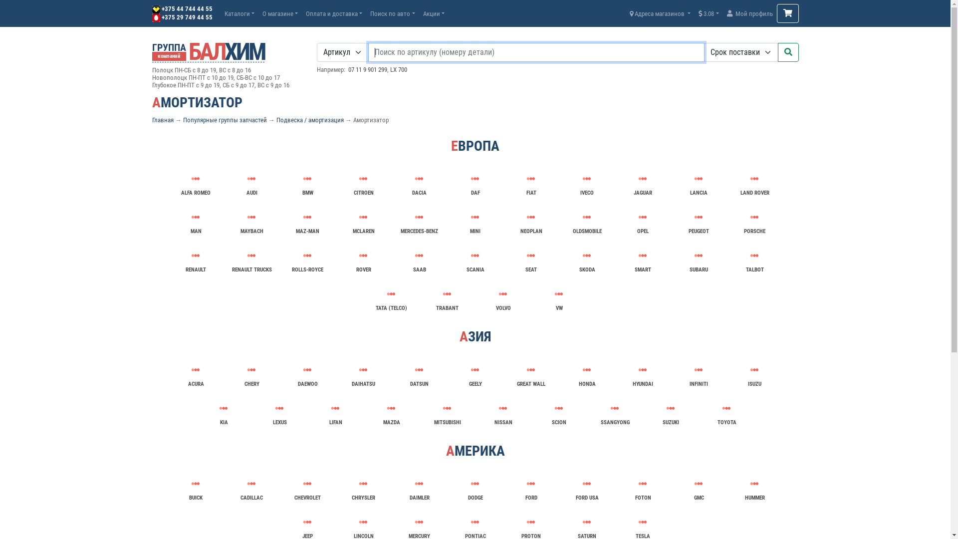  Describe the element at coordinates (614, 412) in the screenshot. I see `'SSANGYONG'` at that location.